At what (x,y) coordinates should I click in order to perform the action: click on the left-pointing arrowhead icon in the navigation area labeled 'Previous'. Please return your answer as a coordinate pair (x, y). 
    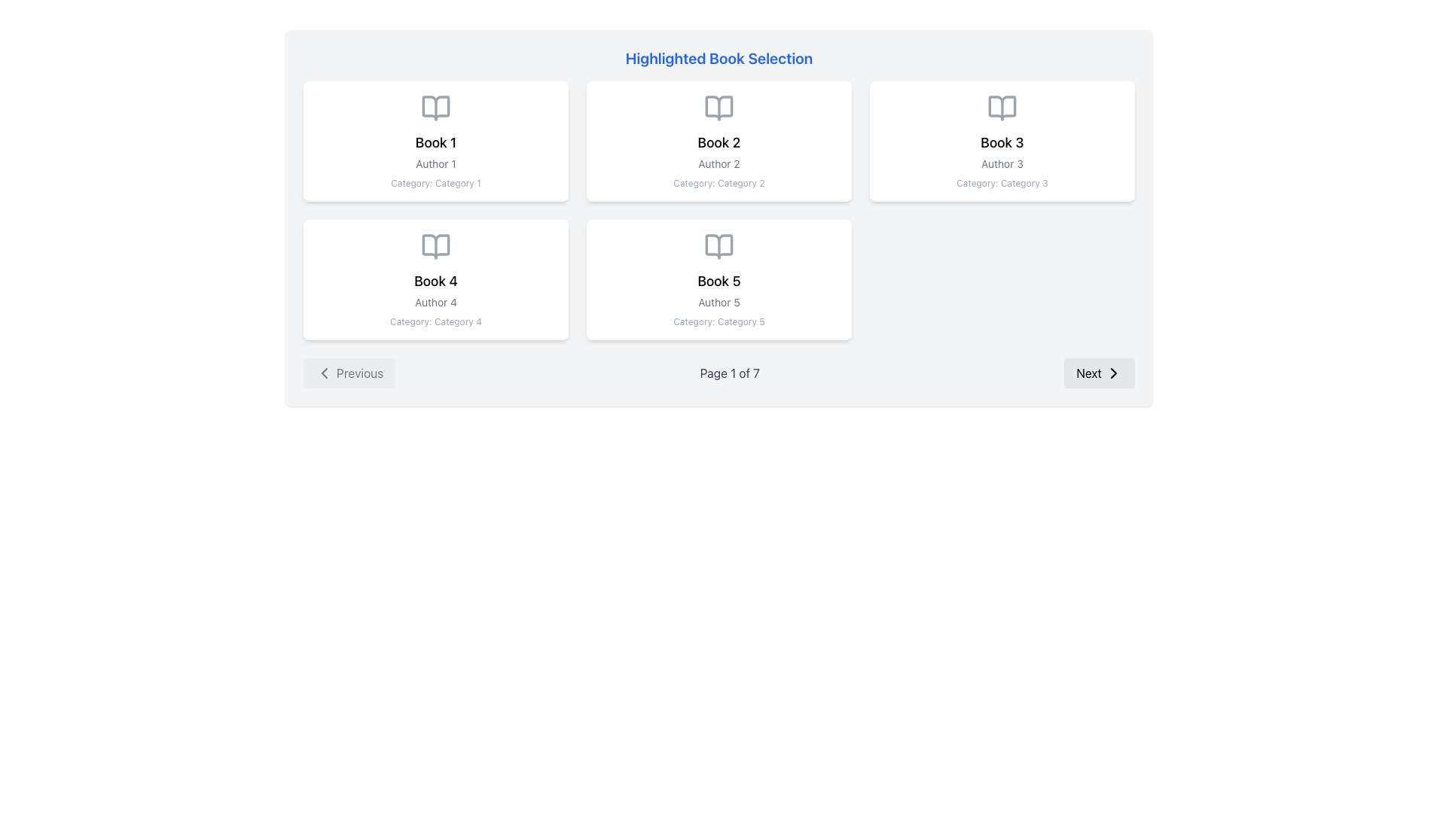
    Looking at the image, I should click on (324, 373).